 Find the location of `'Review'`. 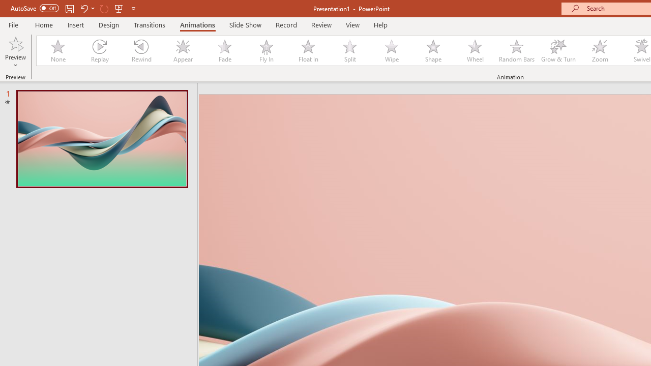

'Review' is located at coordinates (320, 24).